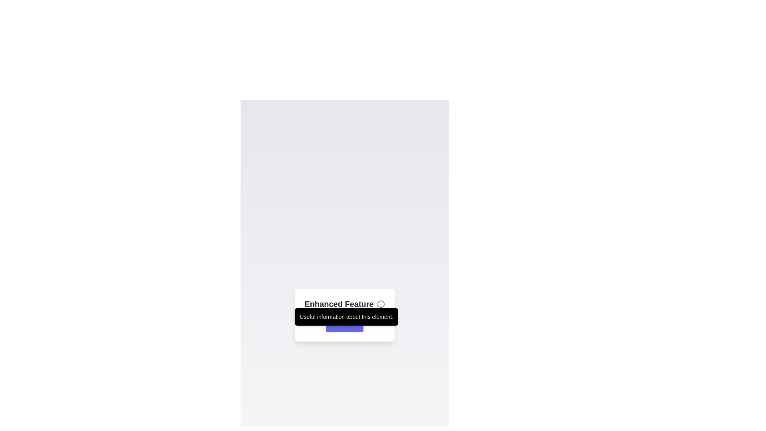 The width and height of the screenshot is (766, 431). What do you see at coordinates (346, 316) in the screenshot?
I see `the tooltip with the text 'Useful information about this element' that is displayed below the 'Enhanced Feature' header` at bounding box center [346, 316].